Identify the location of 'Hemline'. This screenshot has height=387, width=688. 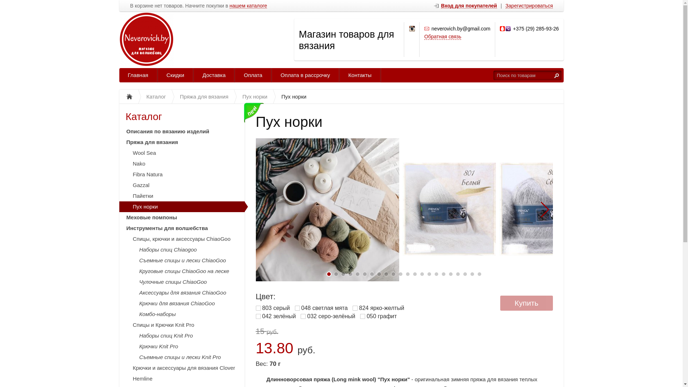
(182, 378).